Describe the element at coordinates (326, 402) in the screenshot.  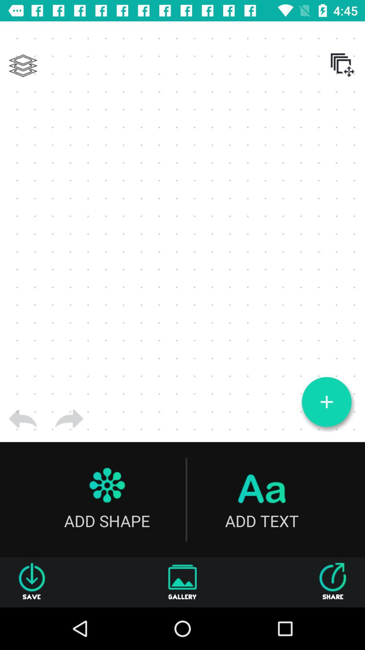
I see `shape or text` at that location.